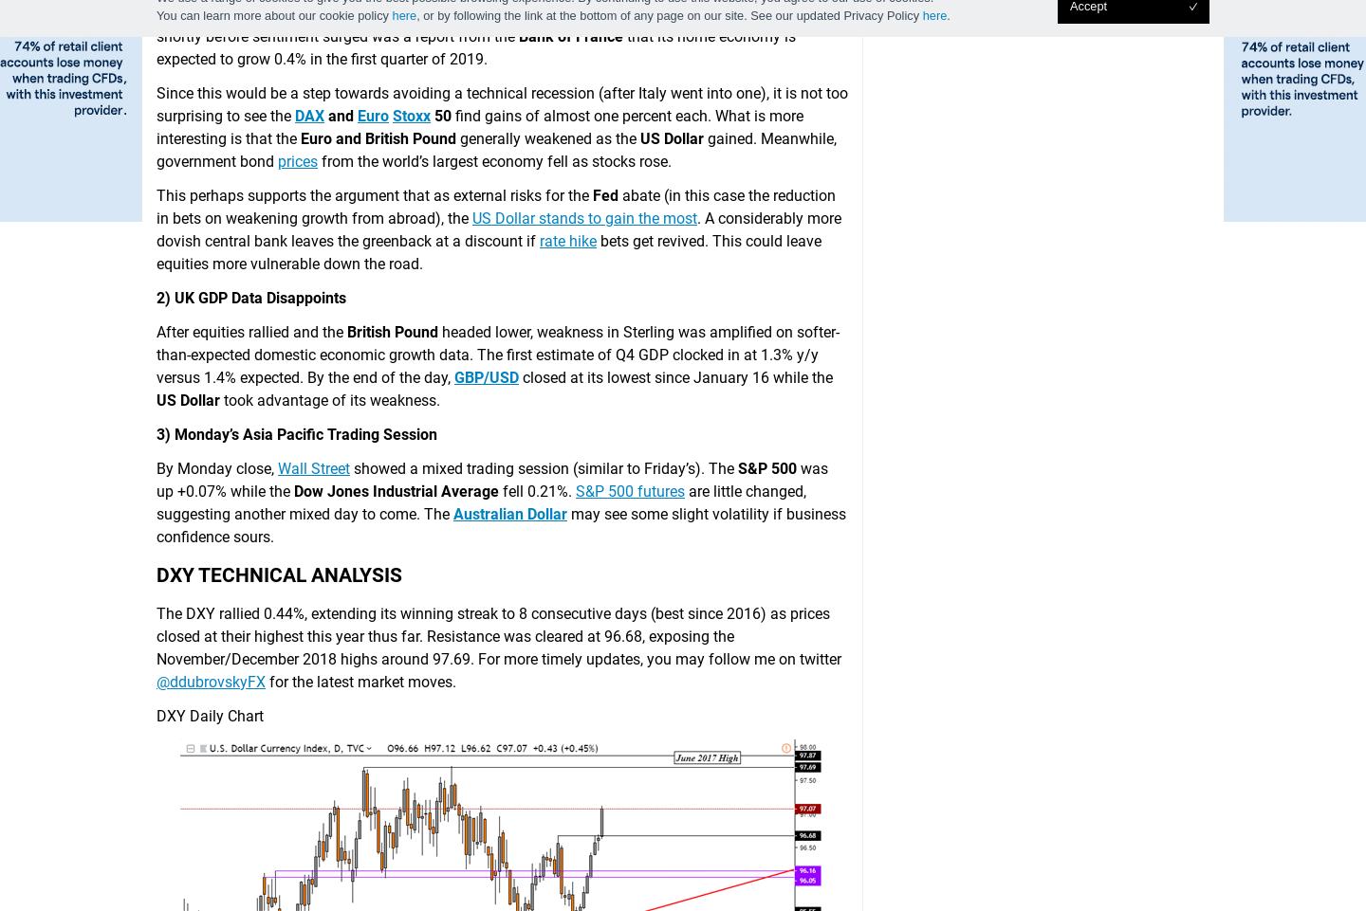 This screenshot has width=1366, height=911. I want to click on '.', so click(947, 13).